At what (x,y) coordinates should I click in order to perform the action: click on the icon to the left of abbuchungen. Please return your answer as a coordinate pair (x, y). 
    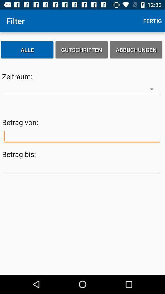
    Looking at the image, I should click on (82, 49).